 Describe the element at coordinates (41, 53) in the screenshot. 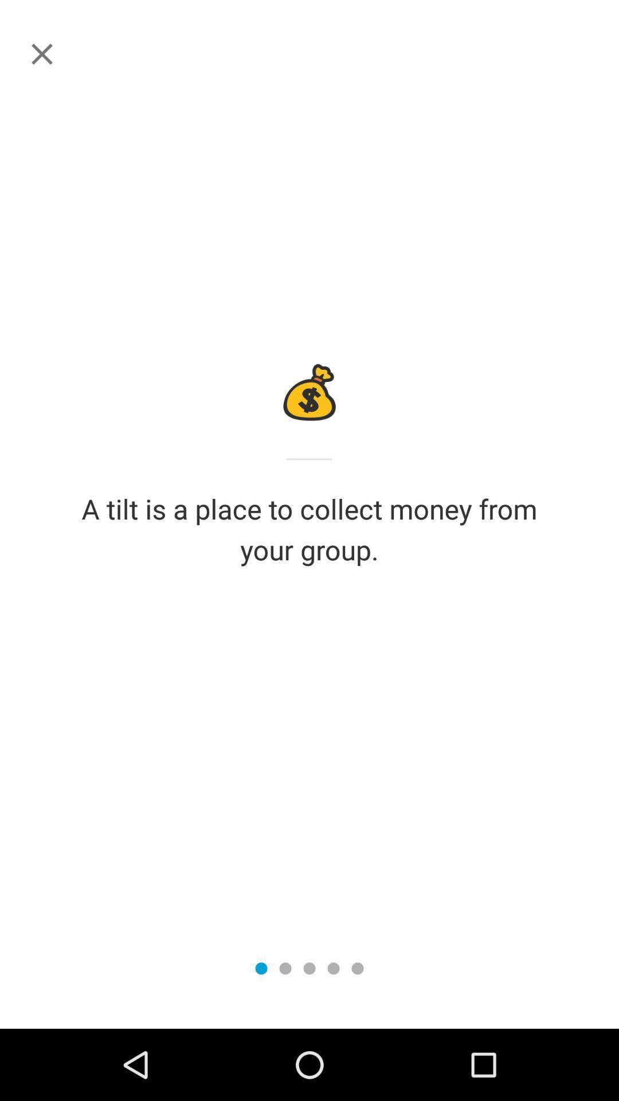

I see `instructions` at that location.